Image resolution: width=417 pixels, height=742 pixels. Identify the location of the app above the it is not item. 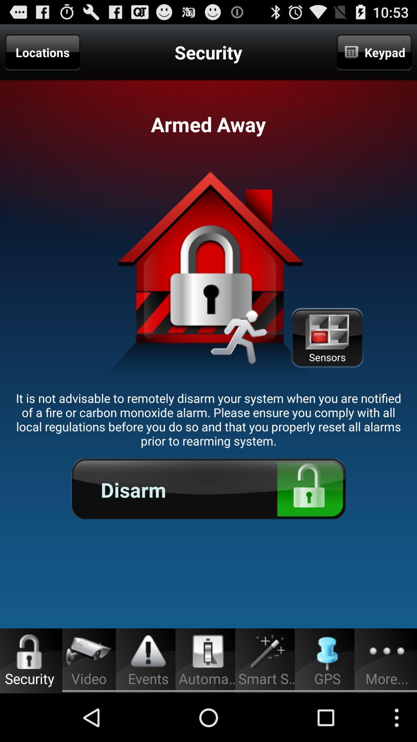
(42, 52).